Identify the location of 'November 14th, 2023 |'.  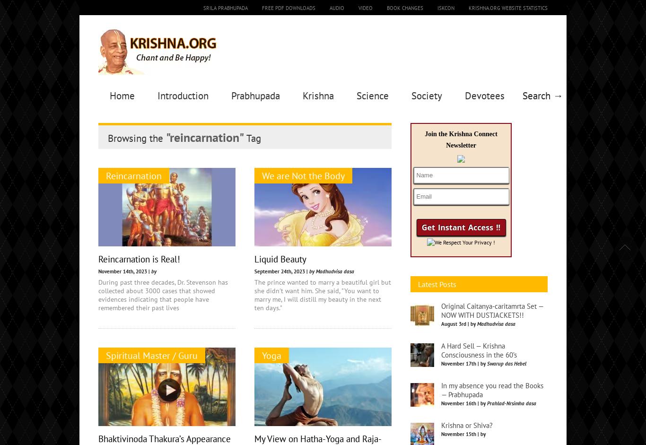
(125, 271).